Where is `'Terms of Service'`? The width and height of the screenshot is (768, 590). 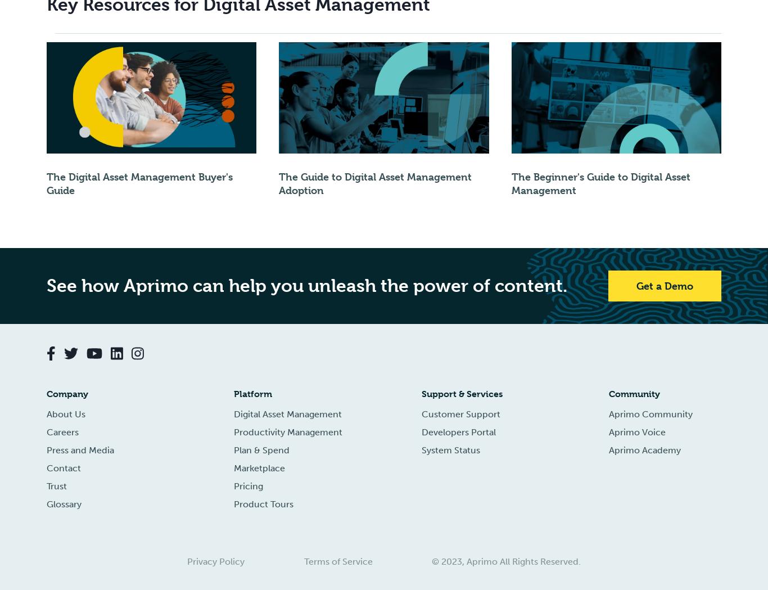
'Terms of Service' is located at coordinates (337, 561).